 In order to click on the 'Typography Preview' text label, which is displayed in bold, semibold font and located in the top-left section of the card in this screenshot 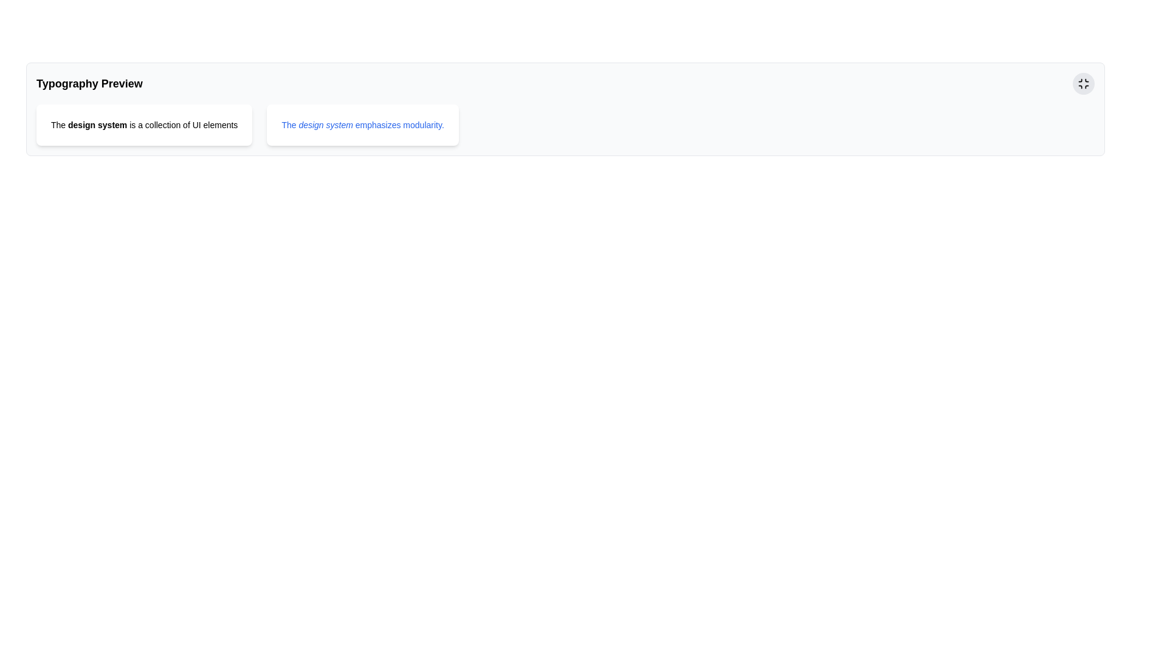, I will do `click(89, 83)`.